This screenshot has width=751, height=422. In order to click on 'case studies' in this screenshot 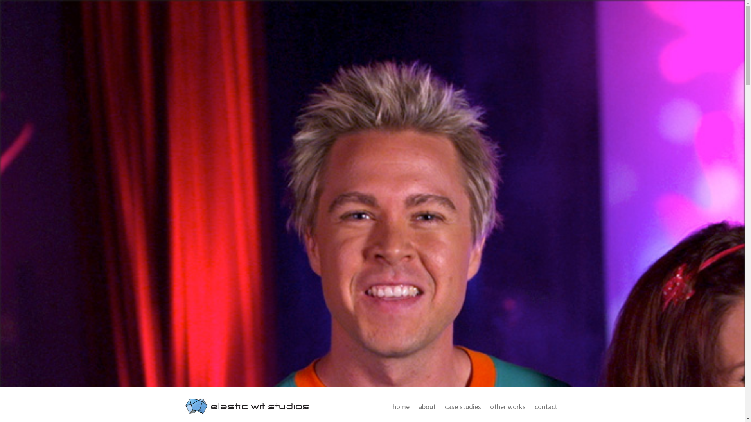, I will do `click(462, 406)`.